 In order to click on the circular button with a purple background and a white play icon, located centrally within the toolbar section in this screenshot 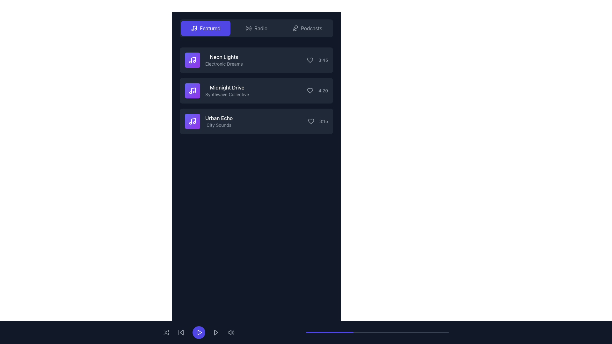, I will do `click(199, 332)`.